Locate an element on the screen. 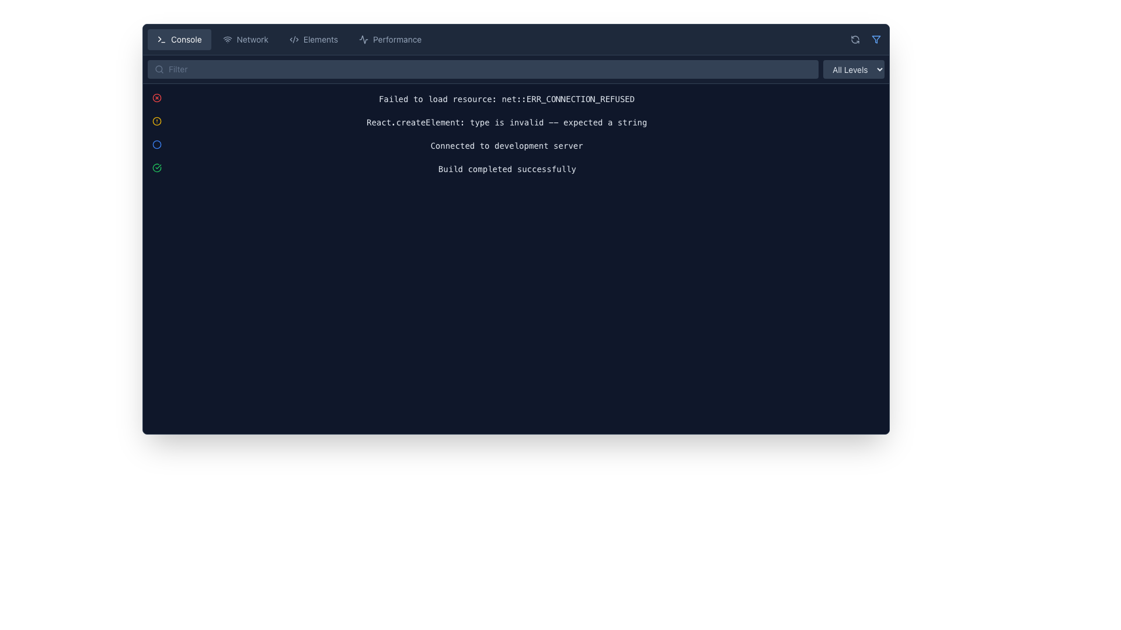  the warning icon located to the left of the message 'React.createElement: type is invalid -- expected a string' to potentially reveal additional information is located at coordinates (156, 121).